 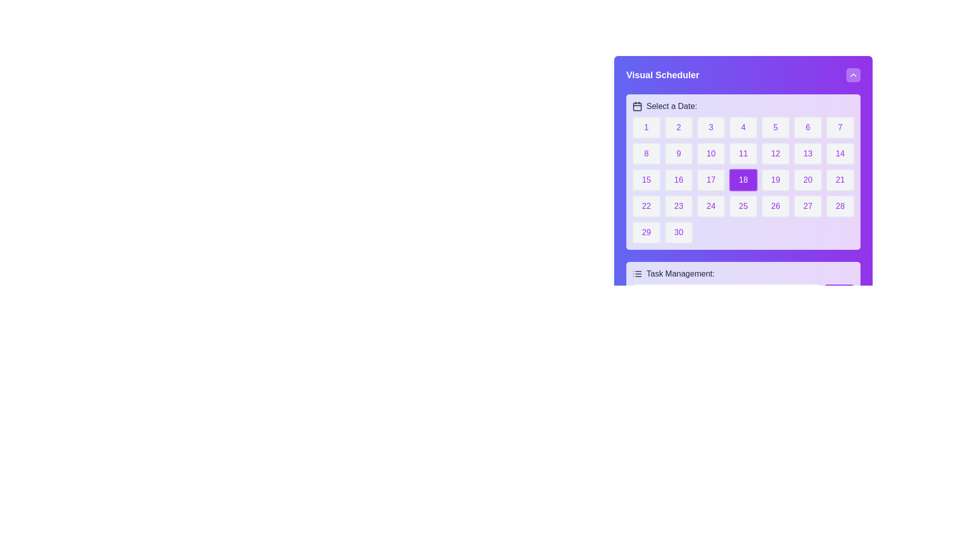 I want to click on the button labeled '1', which is a rectangular button with rounded corners, light gray background, and purple text, so click(x=647, y=127).